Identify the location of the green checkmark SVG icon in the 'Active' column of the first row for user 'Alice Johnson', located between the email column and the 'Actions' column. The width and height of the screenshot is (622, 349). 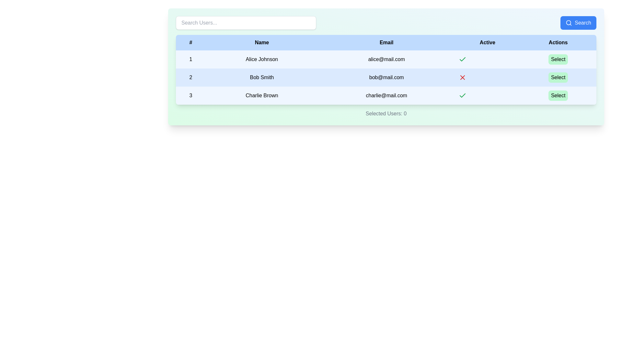
(462, 59).